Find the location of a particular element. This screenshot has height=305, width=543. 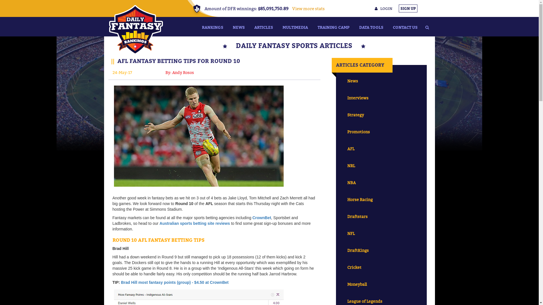

'Interviews' is located at coordinates (381, 98).